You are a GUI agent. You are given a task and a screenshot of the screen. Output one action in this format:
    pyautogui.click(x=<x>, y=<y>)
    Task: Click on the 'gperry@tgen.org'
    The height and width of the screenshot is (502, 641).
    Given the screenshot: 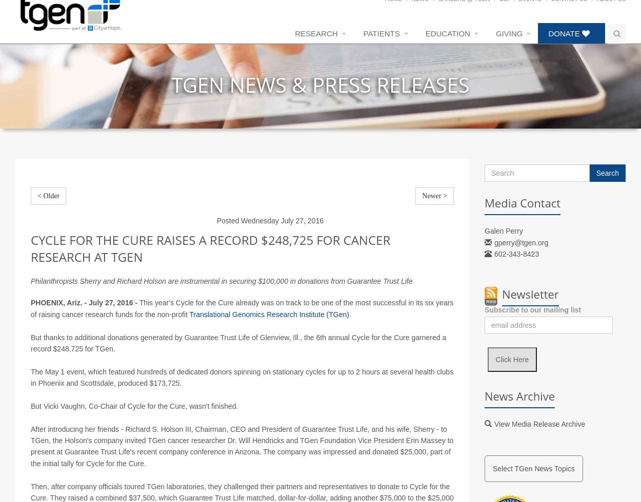 What is the action you would take?
    pyautogui.click(x=521, y=254)
    